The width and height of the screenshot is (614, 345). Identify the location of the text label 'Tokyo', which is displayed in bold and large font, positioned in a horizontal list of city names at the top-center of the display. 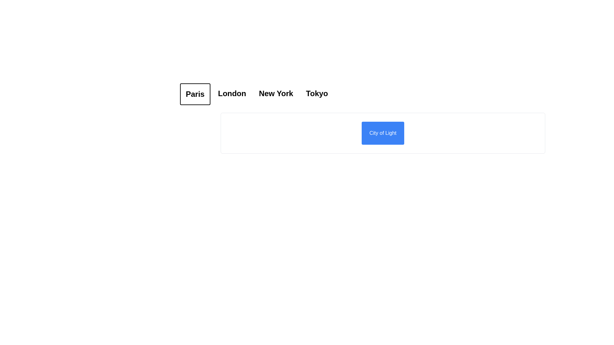
(317, 94).